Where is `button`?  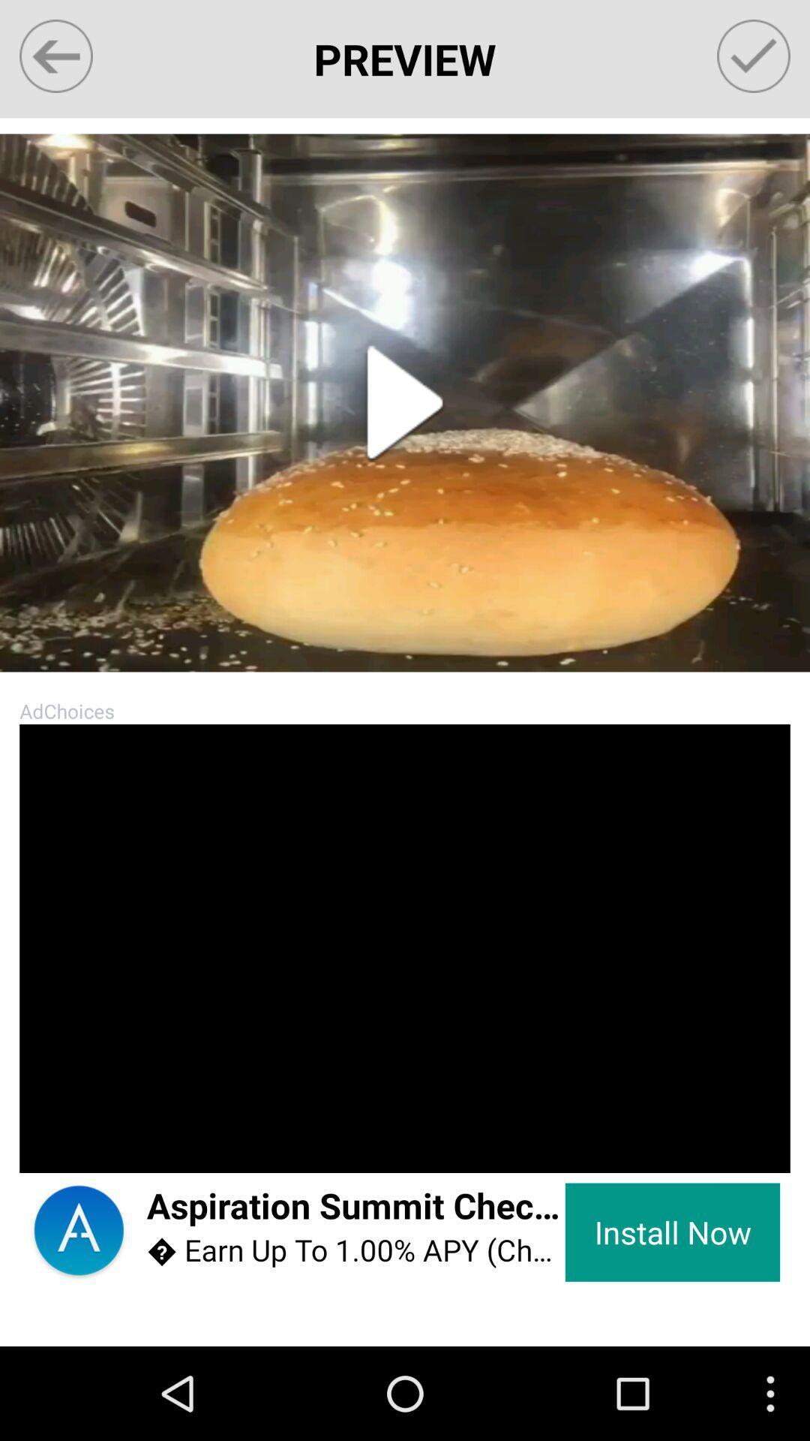
button is located at coordinates (405, 403).